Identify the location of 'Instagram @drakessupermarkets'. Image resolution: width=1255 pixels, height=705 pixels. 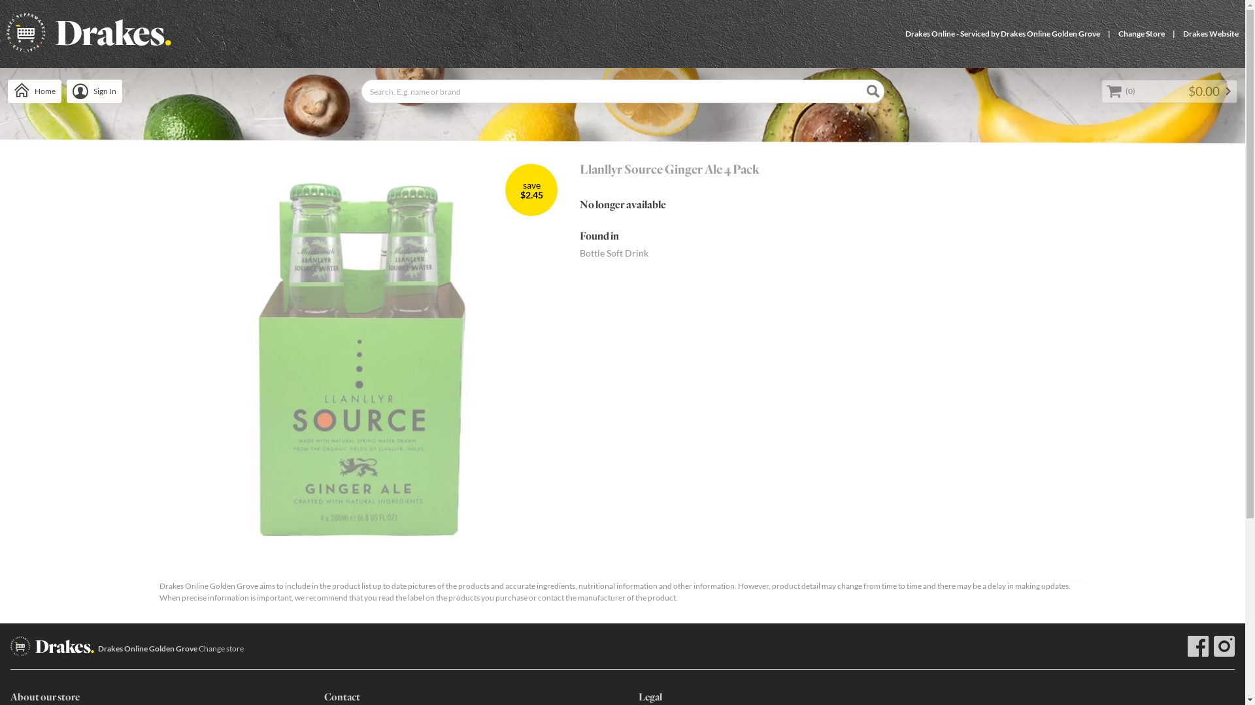
(1213, 646).